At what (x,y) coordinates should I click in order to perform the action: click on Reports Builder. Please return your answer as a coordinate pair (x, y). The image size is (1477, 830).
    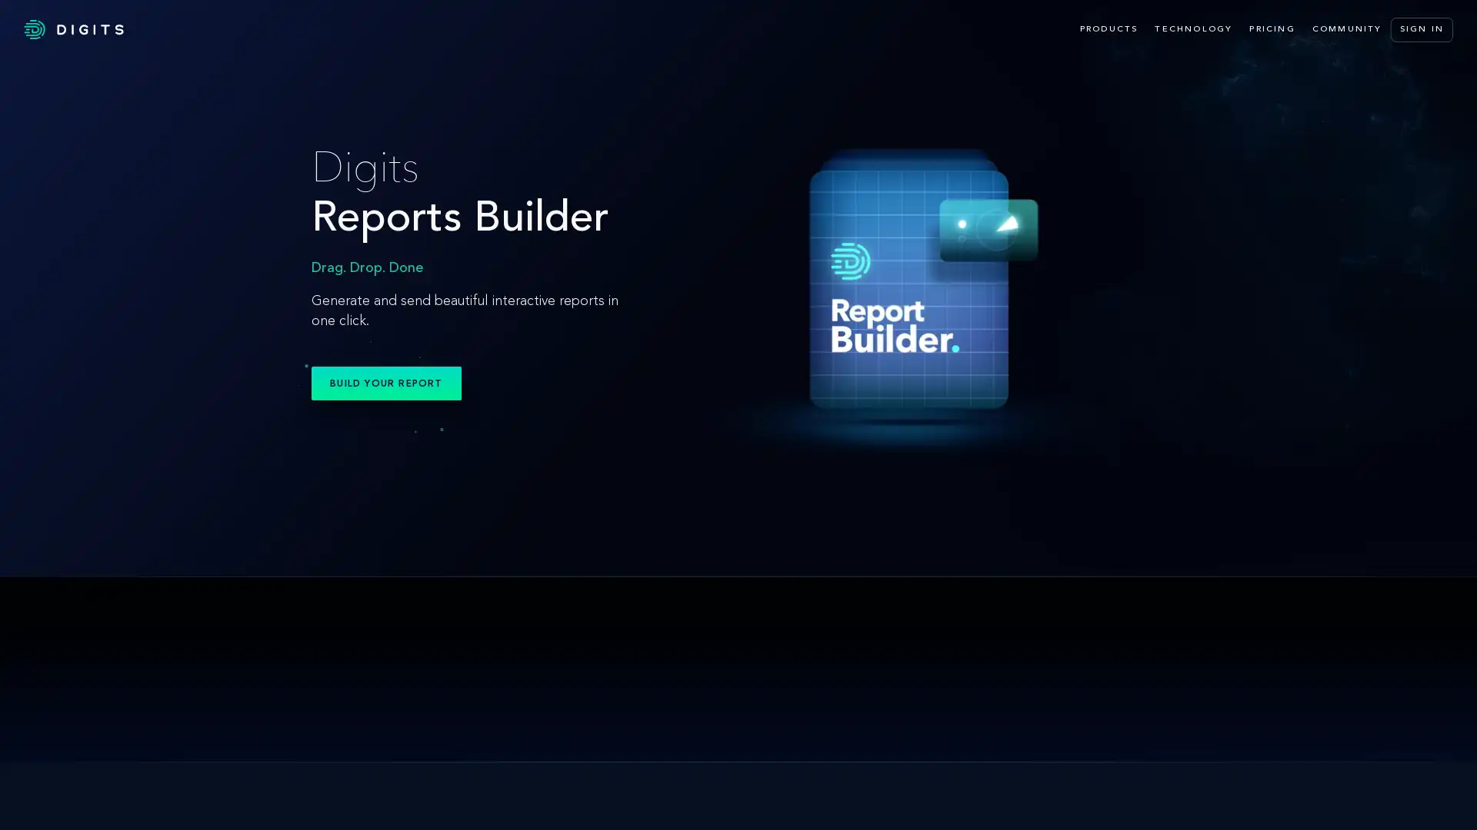
    Looking at the image, I should click on (369, 479).